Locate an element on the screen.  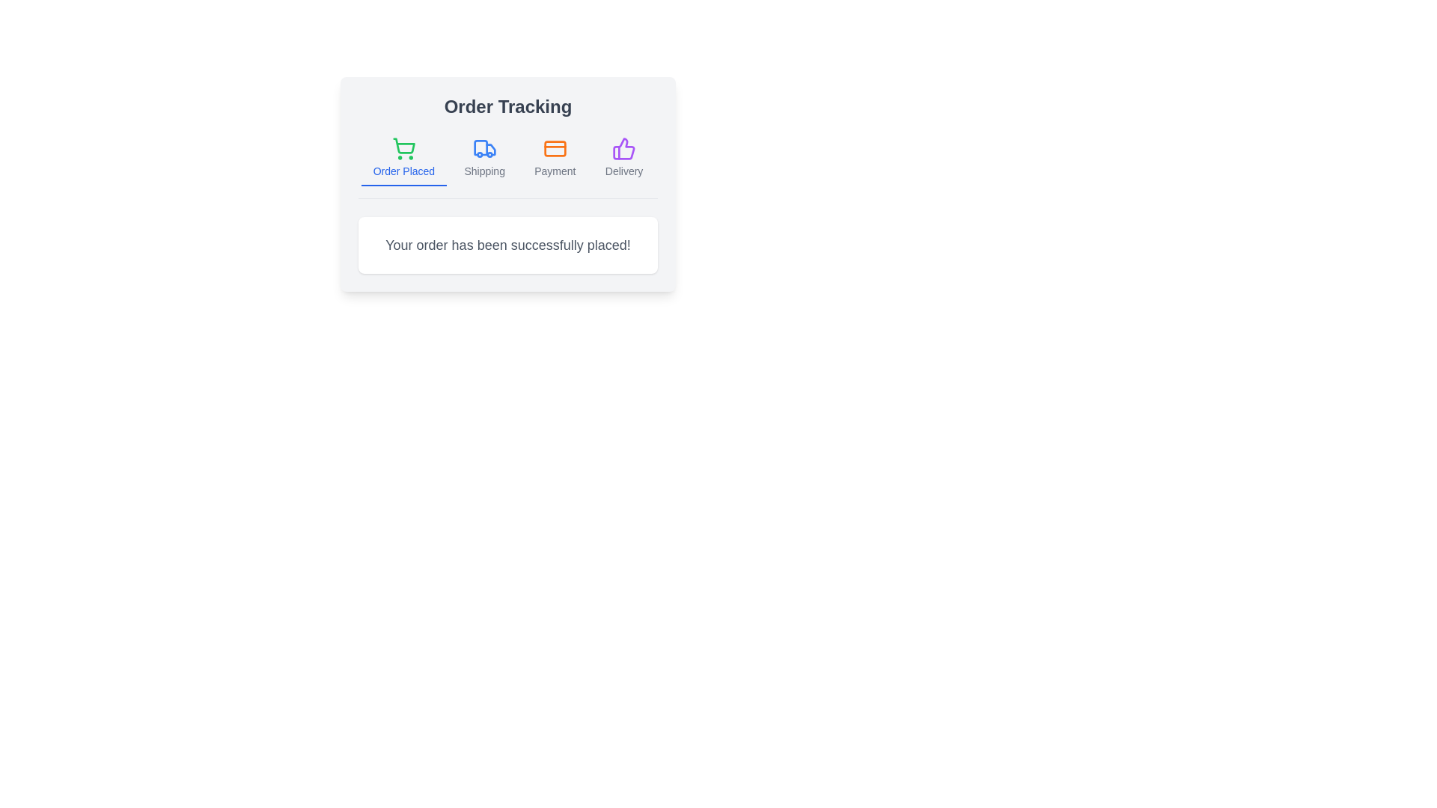
the tab labeled Delivery to activate it is located at coordinates (624, 159).